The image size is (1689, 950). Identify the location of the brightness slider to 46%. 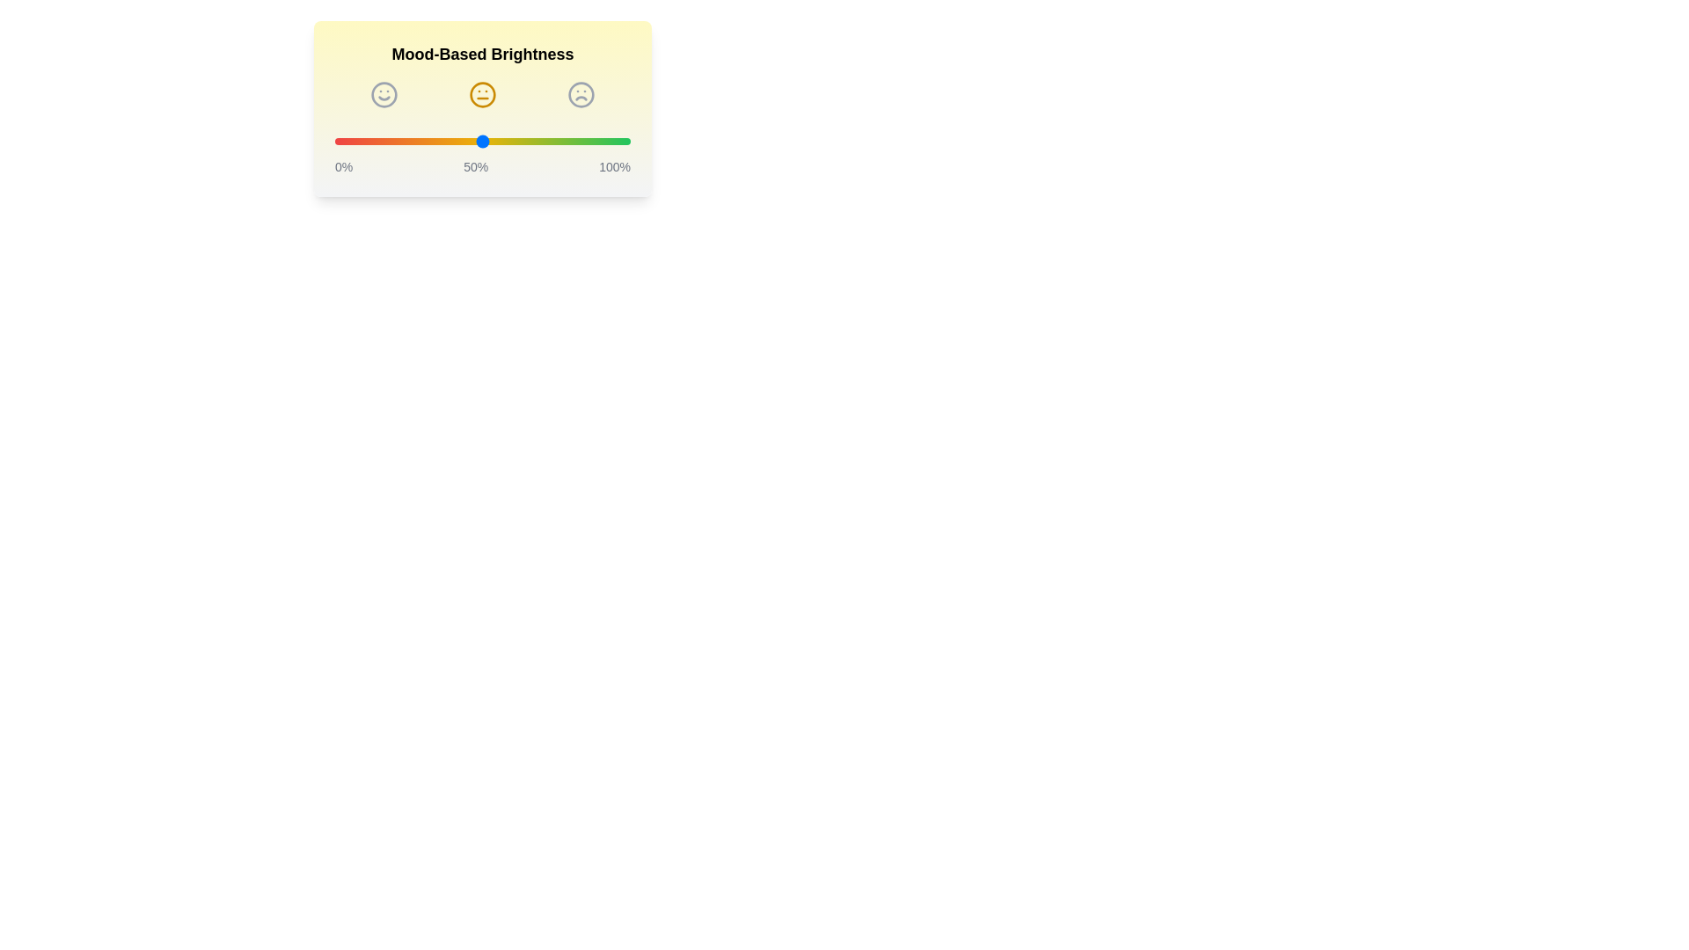
(471, 141).